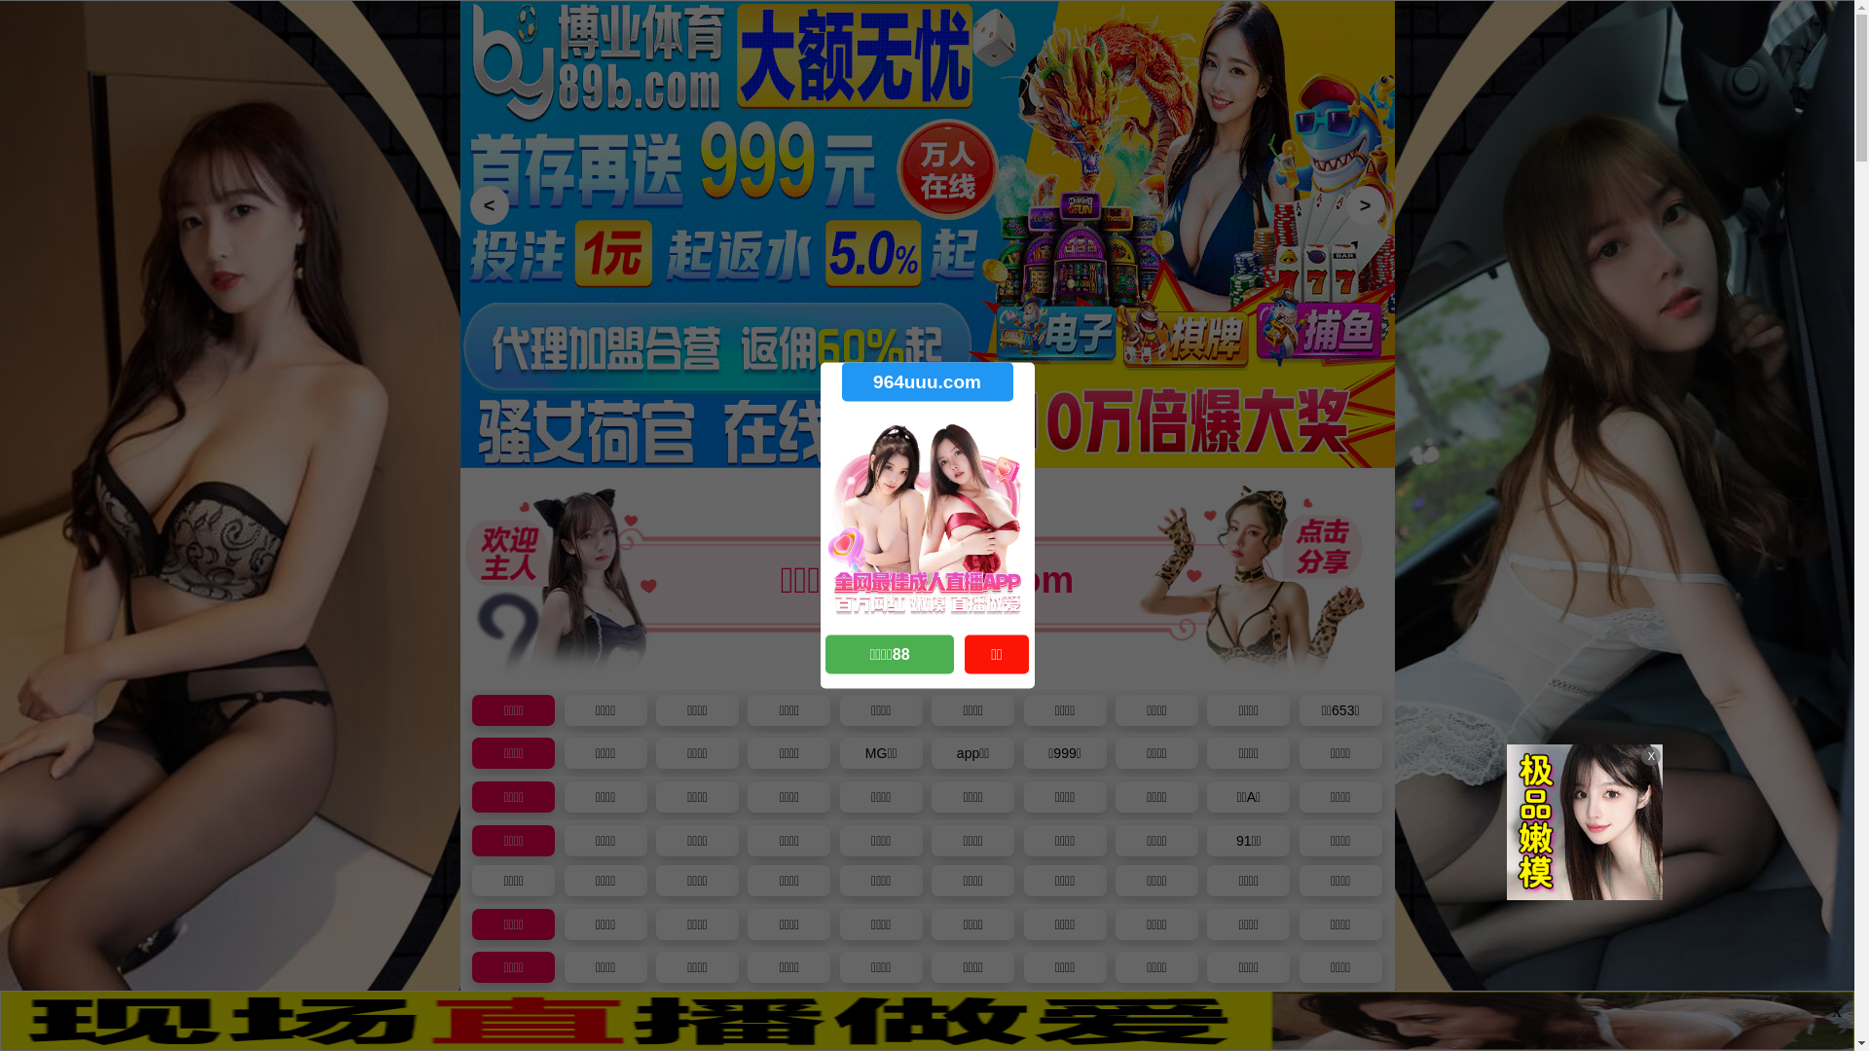  What do you see at coordinates (1825, 1012) in the screenshot?
I see `'X'` at bounding box center [1825, 1012].